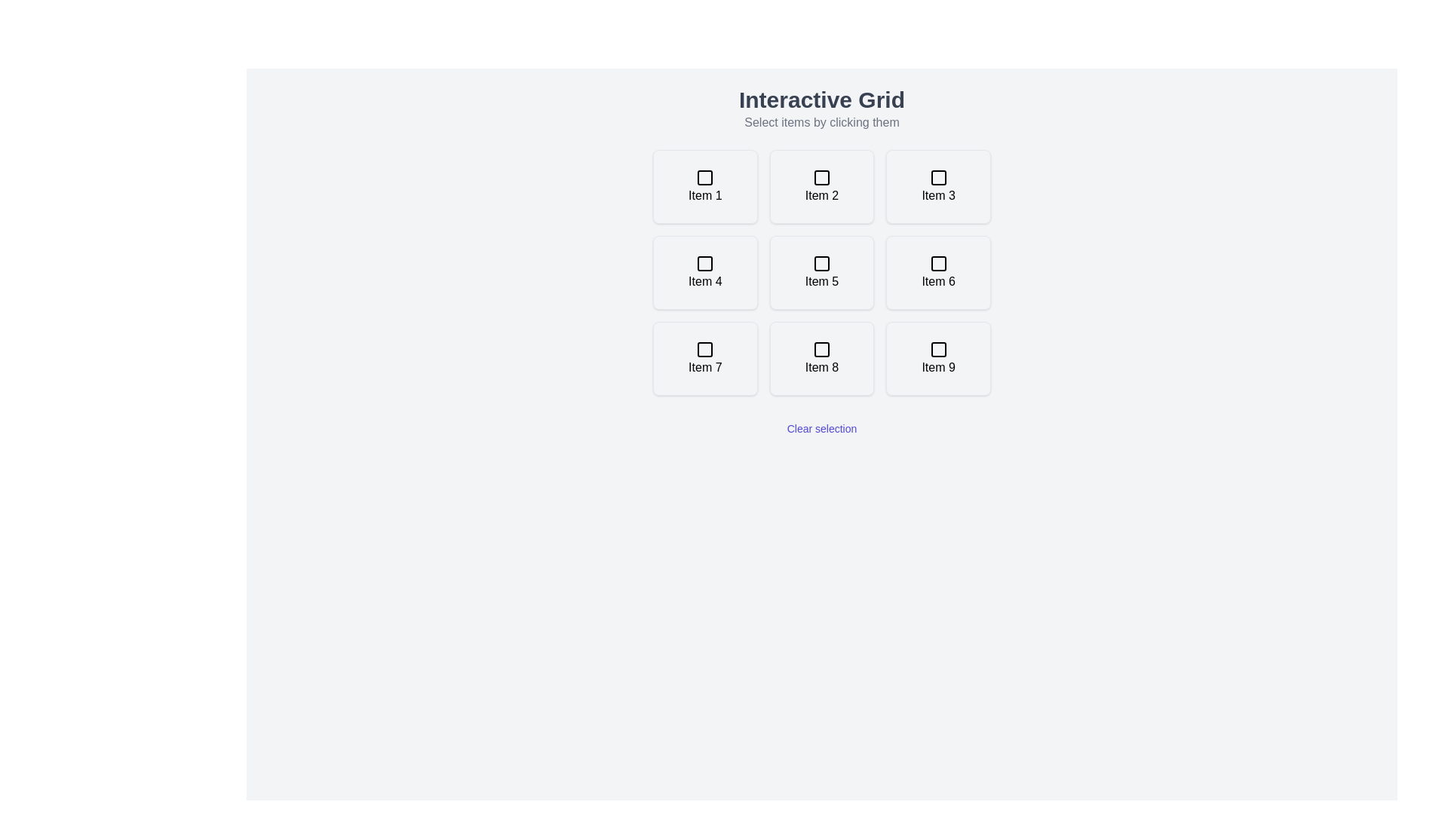 This screenshot has height=814, width=1448. What do you see at coordinates (821, 429) in the screenshot?
I see `the 'Clear selection' text link, which is a blue font styled link positioned centrally beneath a grid of selectable items` at bounding box center [821, 429].